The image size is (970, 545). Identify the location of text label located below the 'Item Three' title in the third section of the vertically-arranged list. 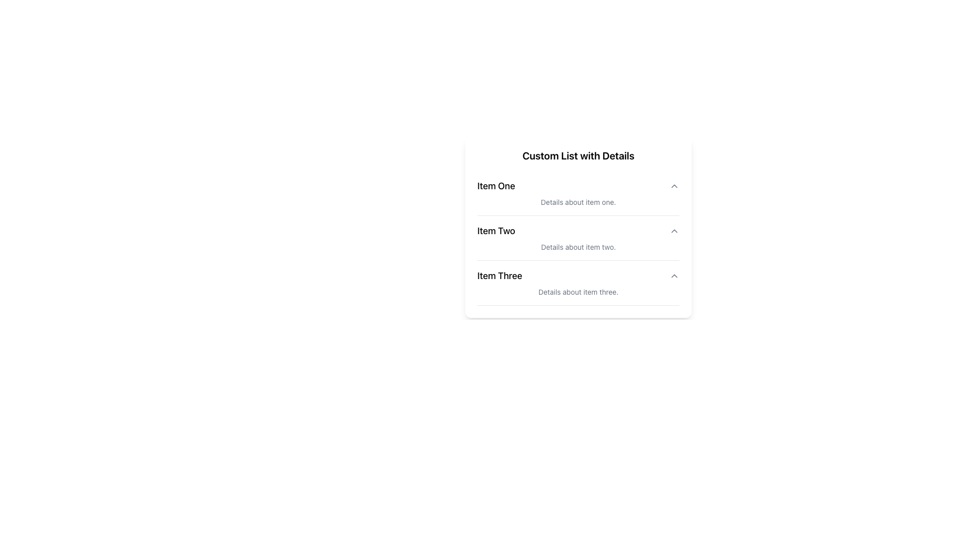
(578, 292).